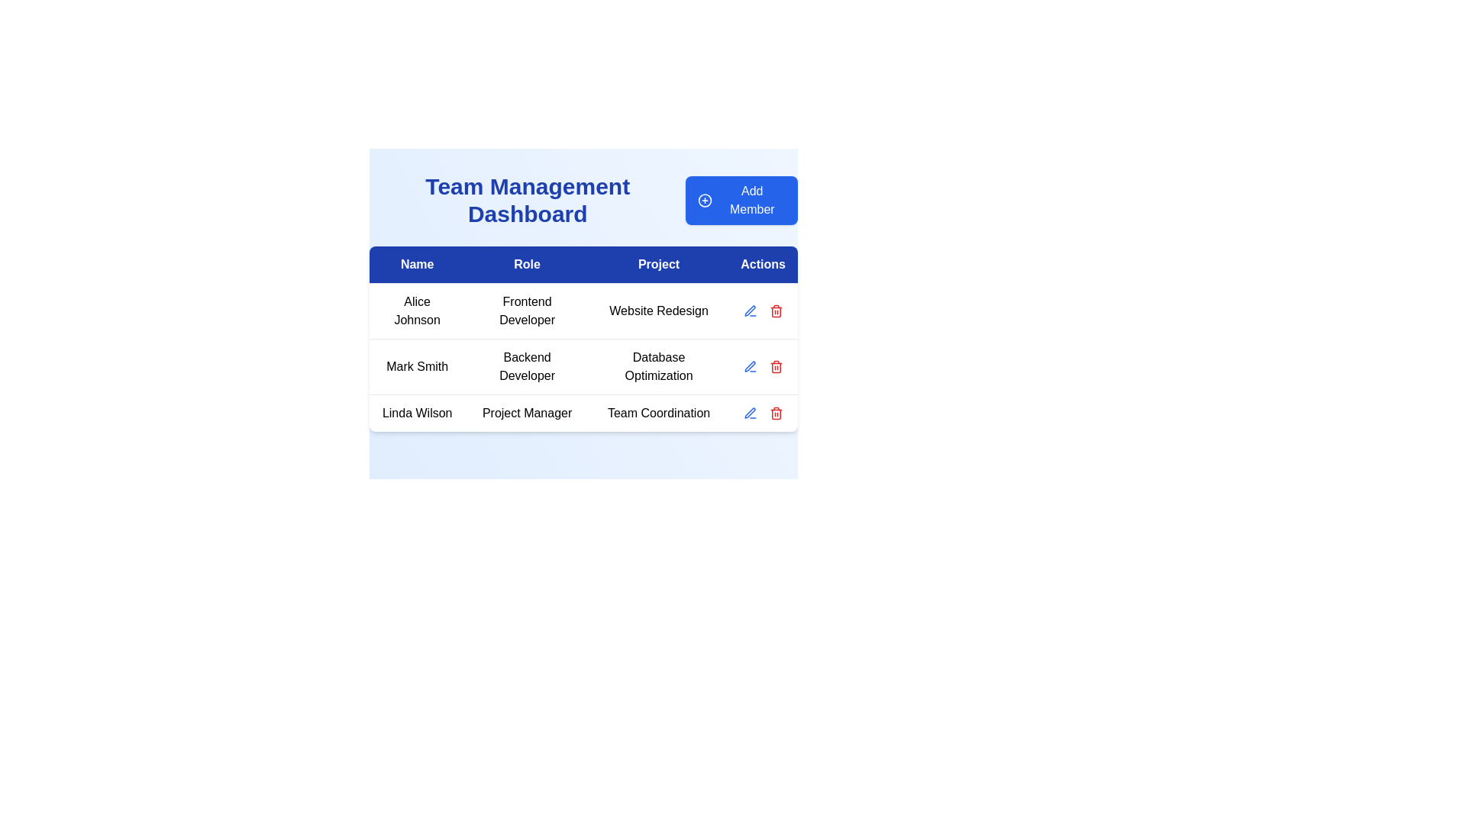 Image resolution: width=1466 pixels, height=824 pixels. I want to click on the 'Frontend Developer' text label in the second column of the first row of the table, so click(527, 311).